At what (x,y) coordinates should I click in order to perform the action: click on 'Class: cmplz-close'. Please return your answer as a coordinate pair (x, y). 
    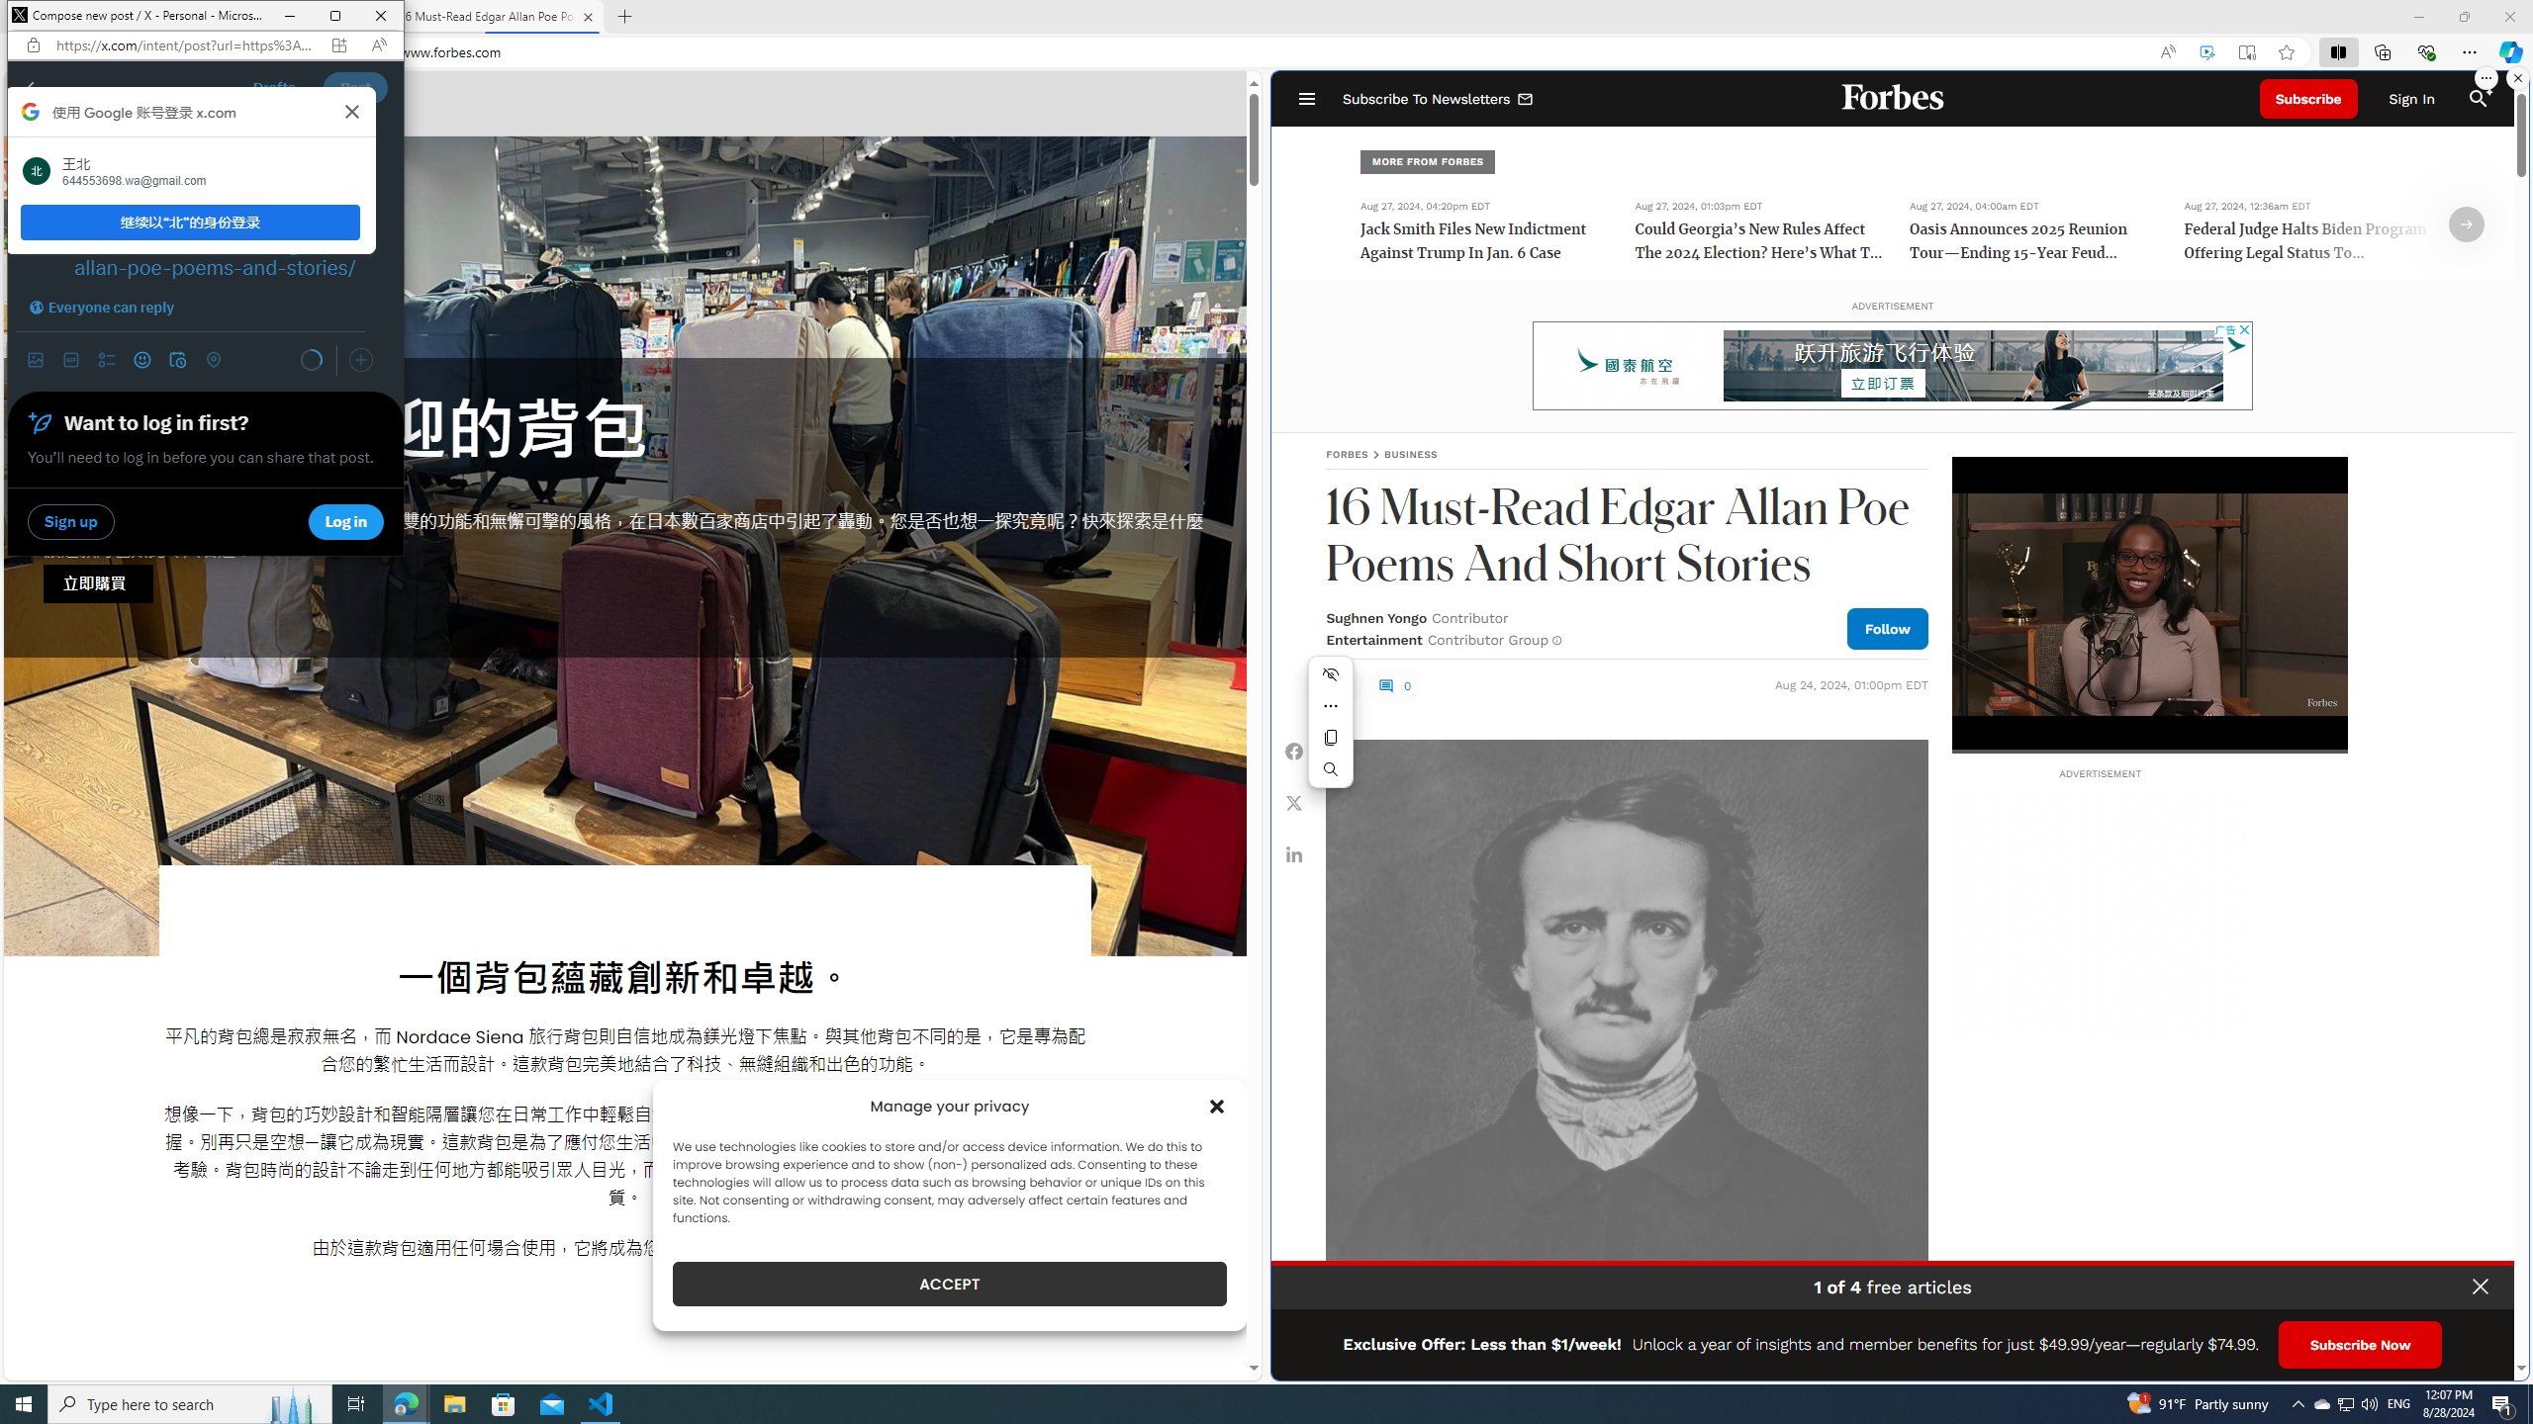
    Looking at the image, I should click on (1217, 1106).